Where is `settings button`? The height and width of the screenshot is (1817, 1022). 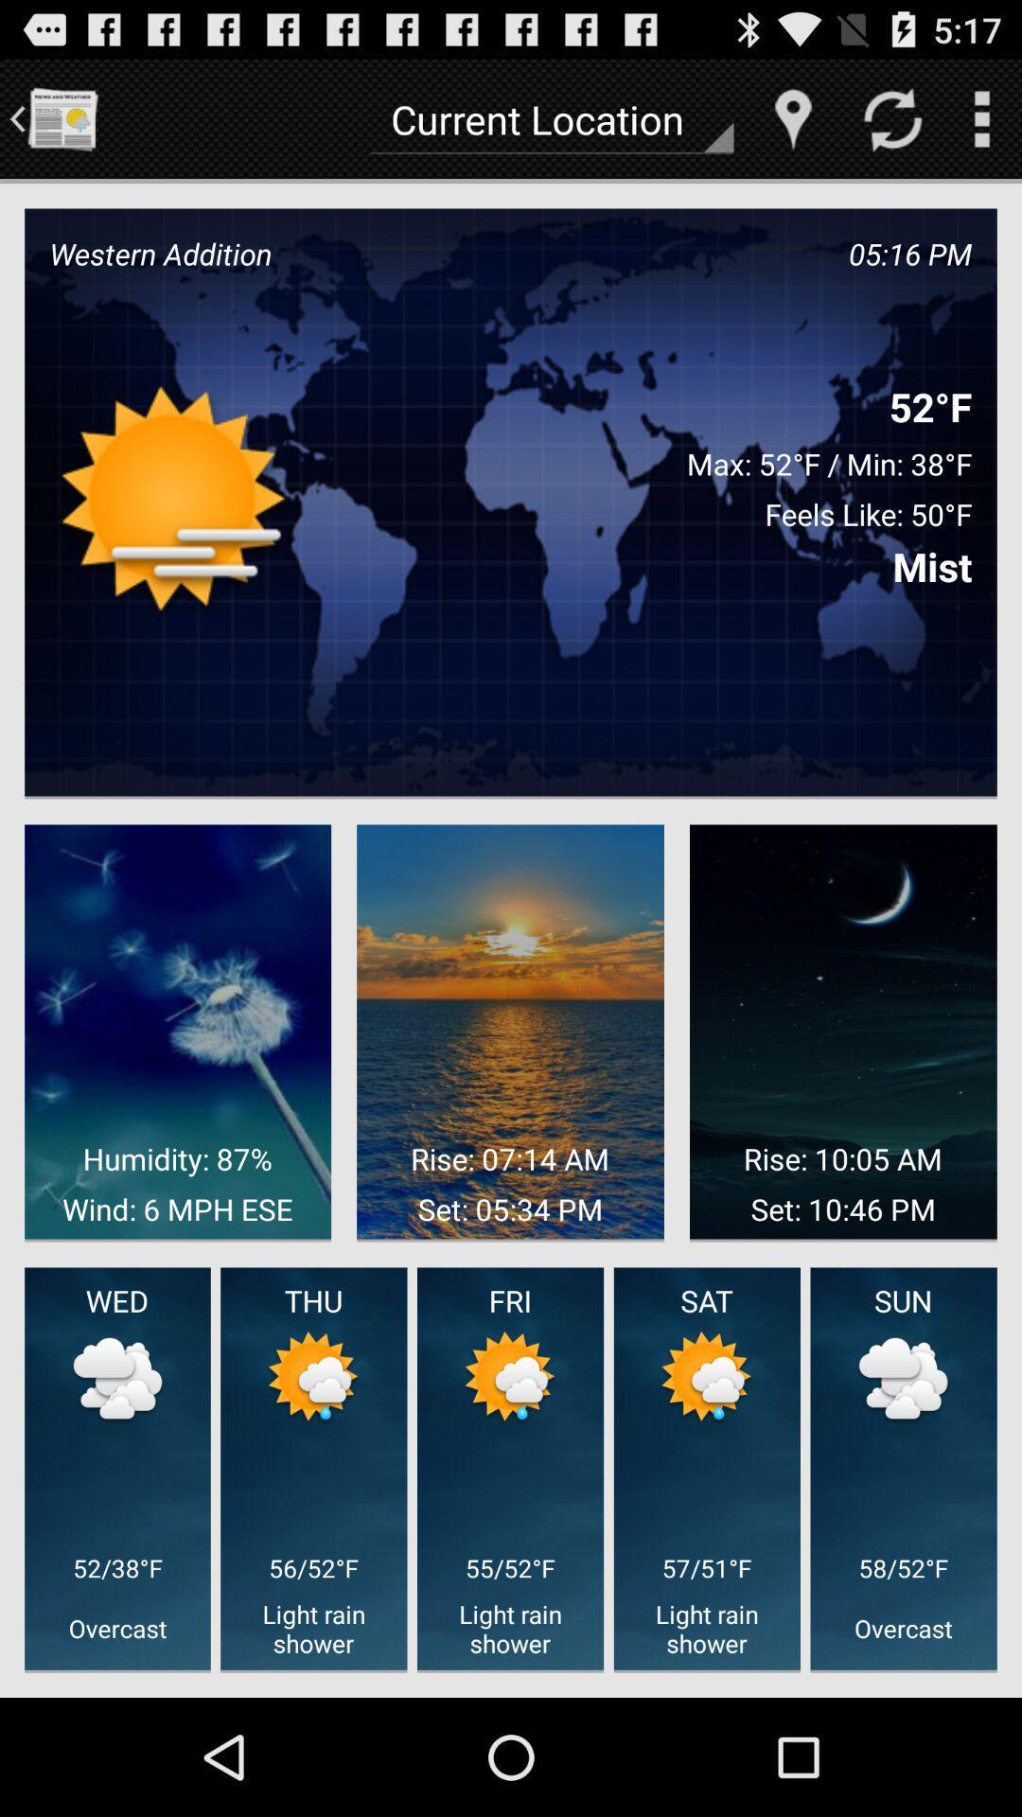 settings button is located at coordinates (980, 117).